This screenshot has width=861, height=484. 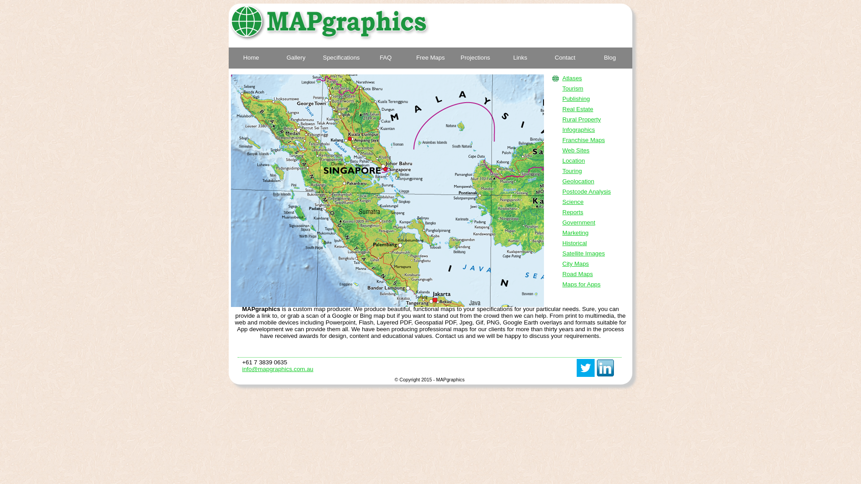 I want to click on 'Satellite Images', so click(x=583, y=253).